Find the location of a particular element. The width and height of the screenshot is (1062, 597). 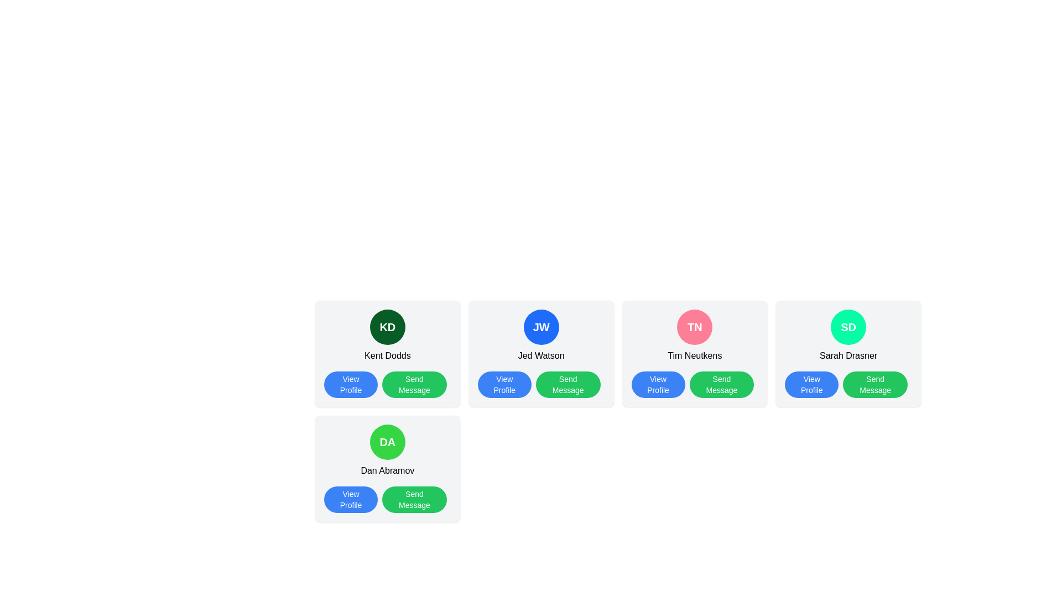

the circular avatar icon with a blue background and white text "JW" centered within it, located in the top section of the card for "Jed Watson" is located at coordinates (541, 326).